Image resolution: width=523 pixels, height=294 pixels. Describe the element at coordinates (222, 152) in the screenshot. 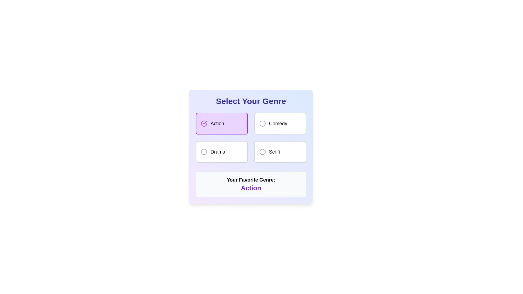

I see `the 'Drama' radio button which is a rectangular button with rounded corners and a white background, containing a circular radio button on the left and the text 'Drama' in black` at that location.